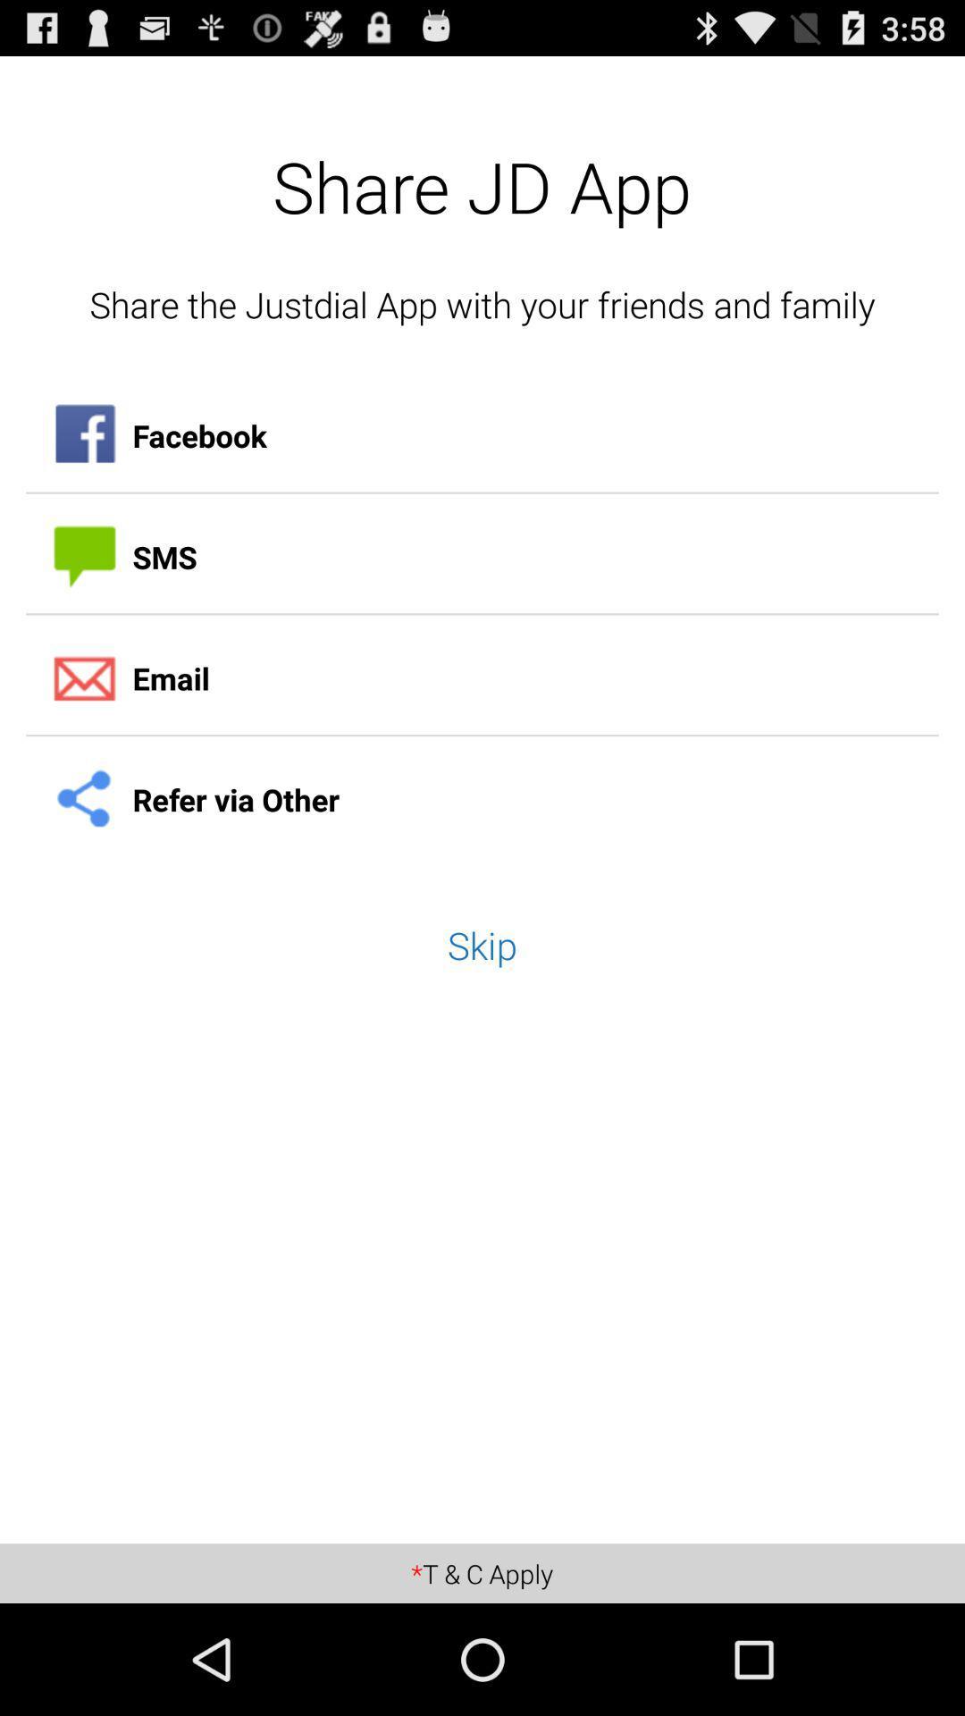  What do you see at coordinates (482, 944) in the screenshot?
I see `the skip app` at bounding box center [482, 944].